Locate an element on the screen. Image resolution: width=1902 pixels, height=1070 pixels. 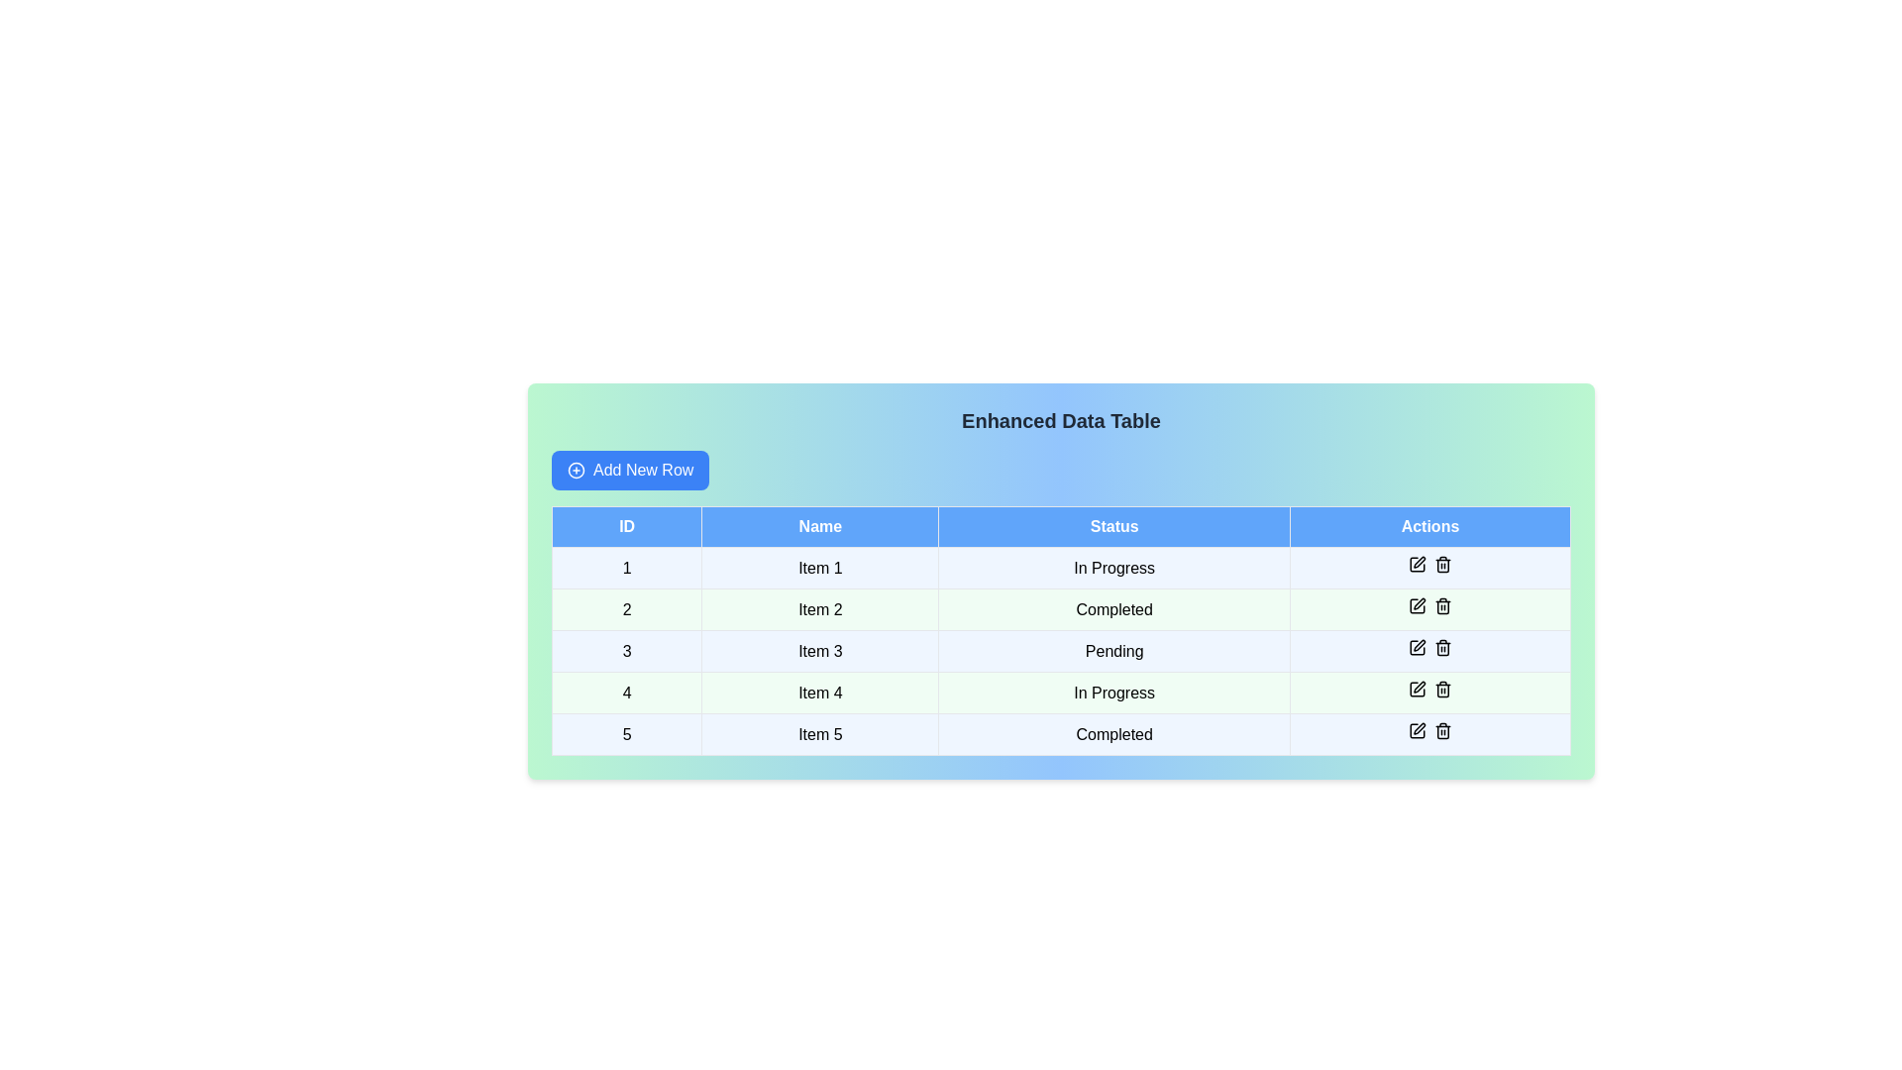
the edit button in the second row, fourth column of the 'Enhanced Data Table' is located at coordinates (1416, 605).